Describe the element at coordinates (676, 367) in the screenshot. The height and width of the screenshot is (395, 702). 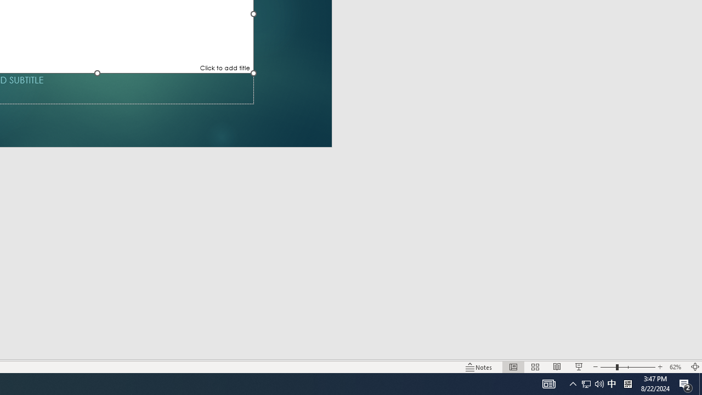
I see `'Zoom 62%'` at that location.